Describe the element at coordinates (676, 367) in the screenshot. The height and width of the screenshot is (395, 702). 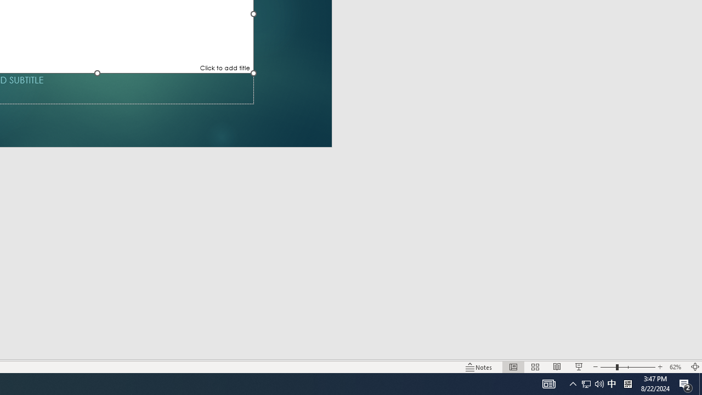
I see `'Zoom 62%'` at that location.